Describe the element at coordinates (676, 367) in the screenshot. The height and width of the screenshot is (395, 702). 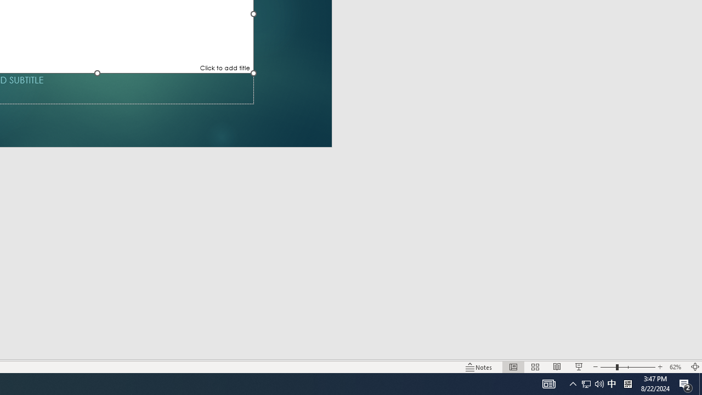
I see `'Zoom 62%'` at that location.